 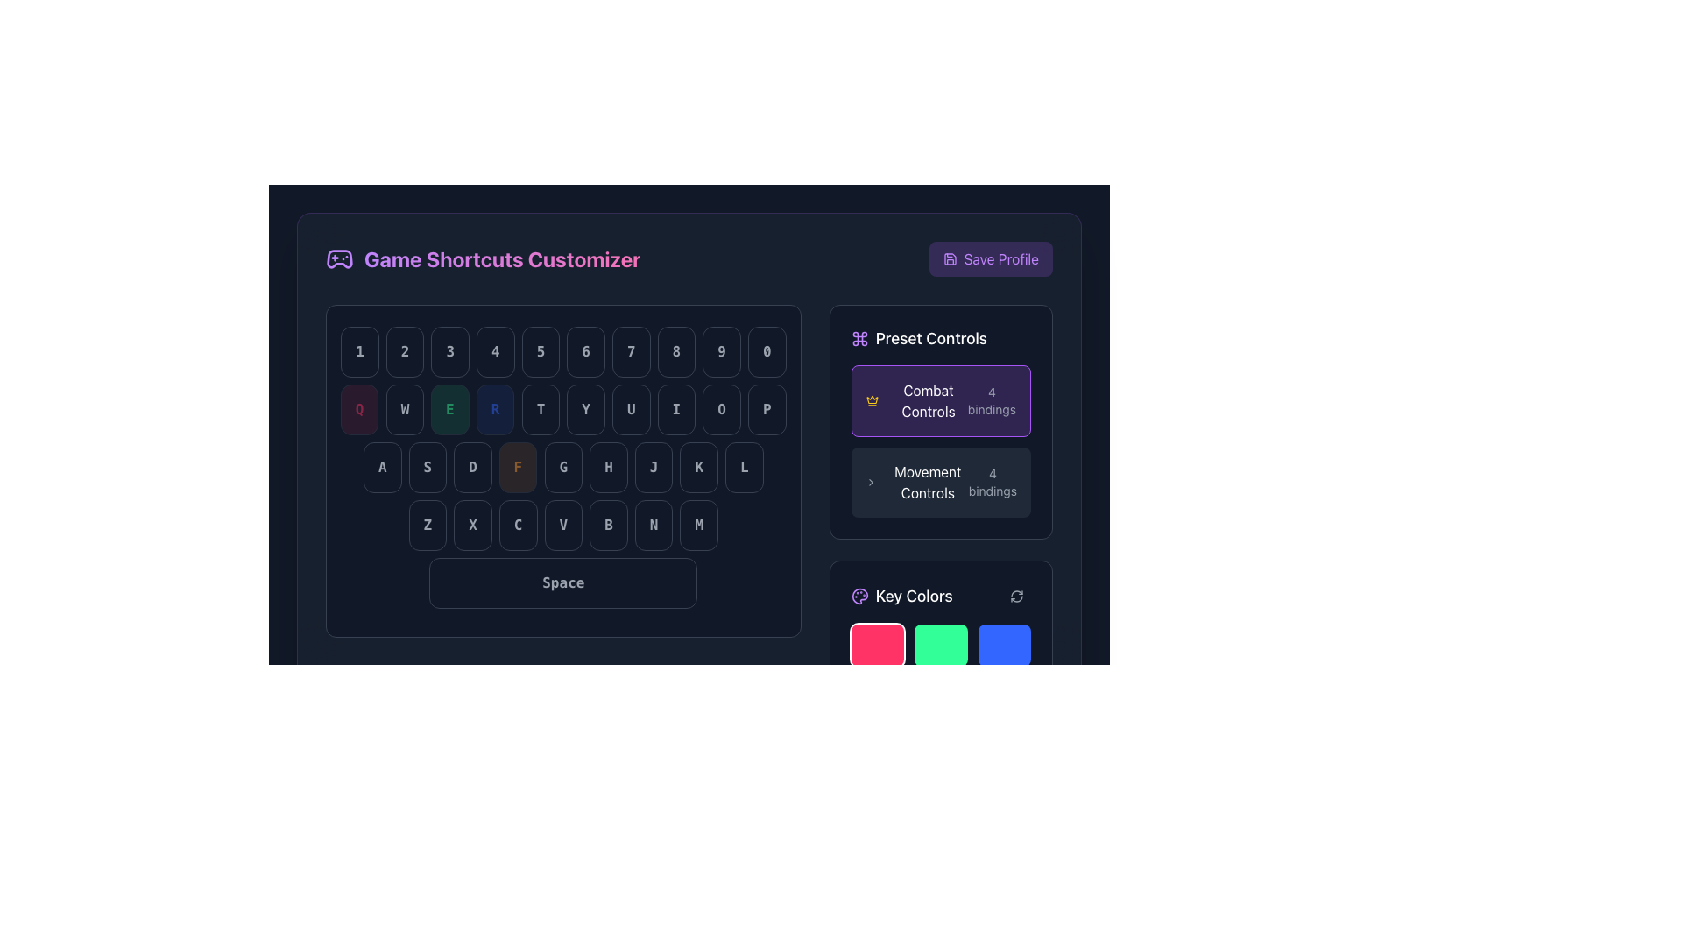 I want to click on the button that simulates the 'H' key, which is the second button from the left in the row of a virtual keyboard interface, so click(x=609, y=466).